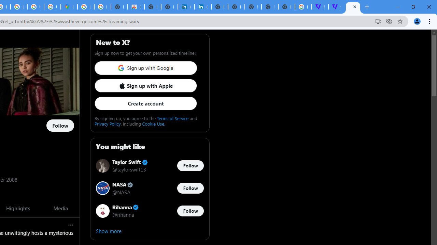 This screenshot has width=437, height=245. What do you see at coordinates (190, 166) in the screenshot?
I see `'Follow @taylorswift13'` at bounding box center [190, 166].